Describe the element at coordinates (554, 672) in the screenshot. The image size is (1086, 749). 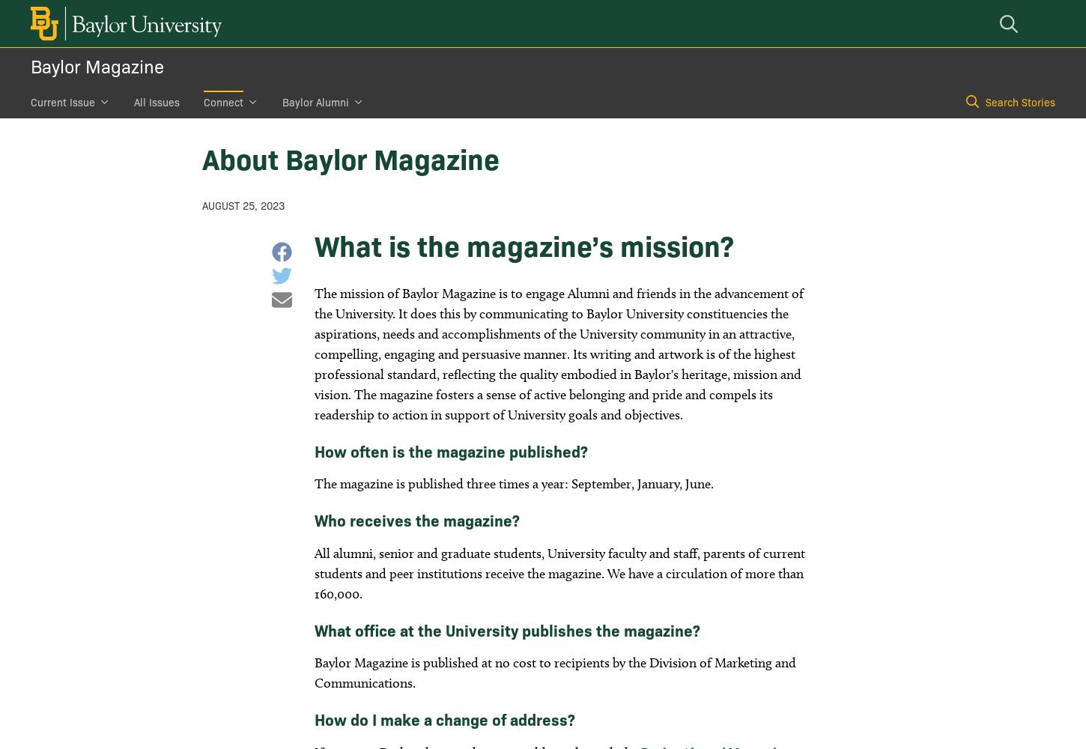
I see `'Baylor Magazine is published at no cost to recipients by the Division of Marketing and Communications.'` at that location.